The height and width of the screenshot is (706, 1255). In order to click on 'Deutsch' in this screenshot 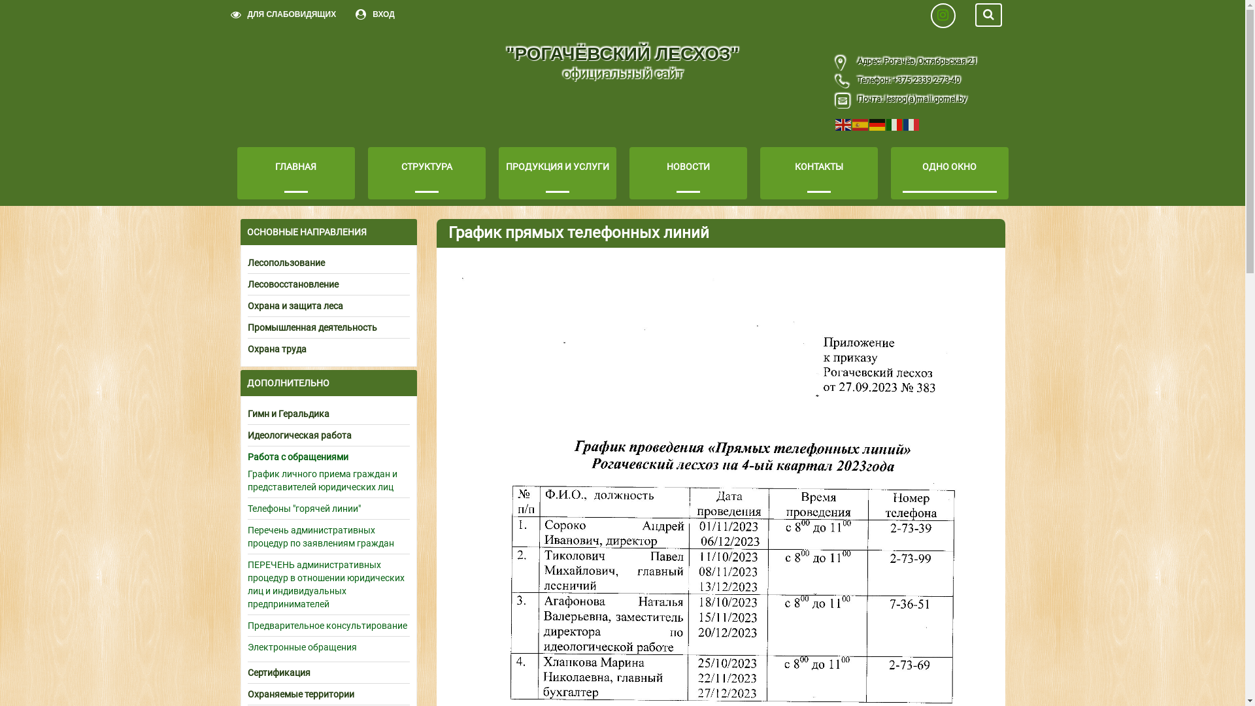, I will do `click(878, 124)`.